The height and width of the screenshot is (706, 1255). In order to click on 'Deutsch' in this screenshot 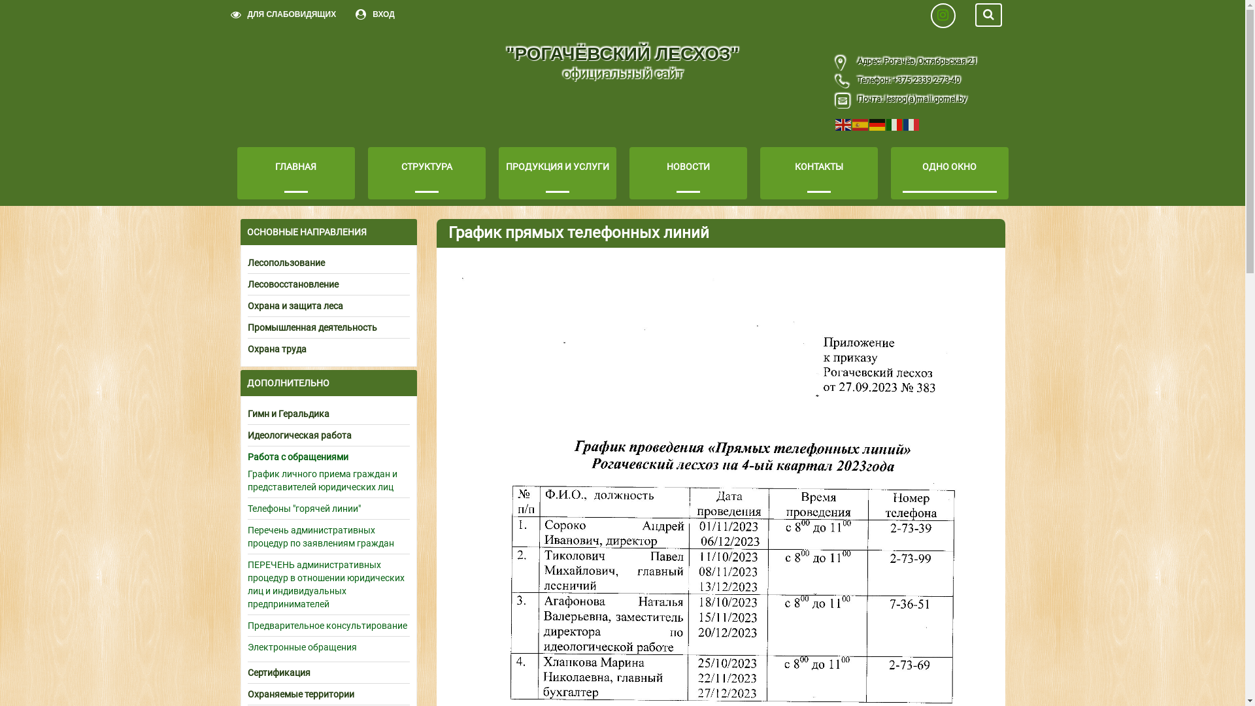, I will do `click(878, 124)`.